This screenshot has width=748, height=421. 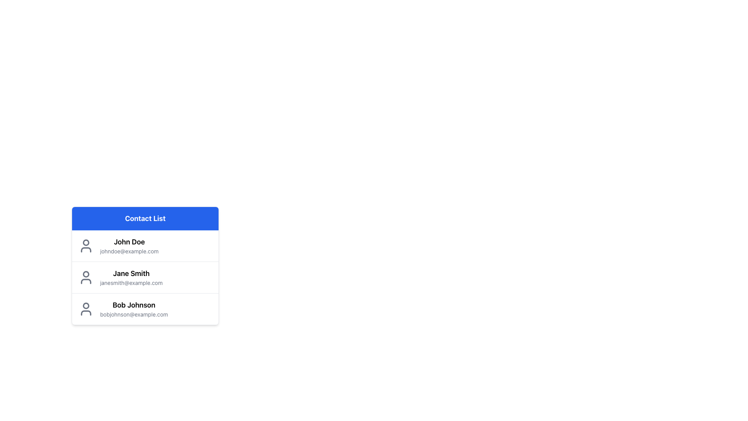 I want to click on the contact entry for 'Jane Smith' which displays their contact information, positioned as the second item in a vertical list between 'John Doe' and 'Bob Johnson', so click(x=145, y=276).